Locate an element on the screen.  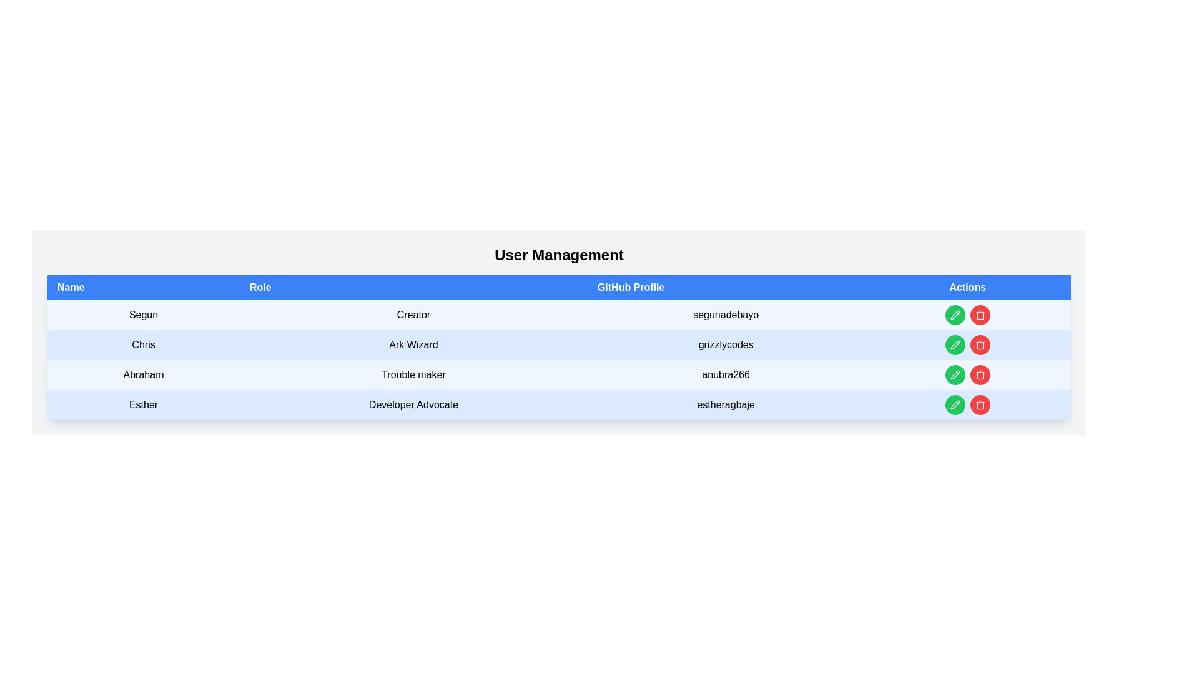
the trash can icon button in the 'Actions' column of the table row for 'Chris' is located at coordinates (979, 344).